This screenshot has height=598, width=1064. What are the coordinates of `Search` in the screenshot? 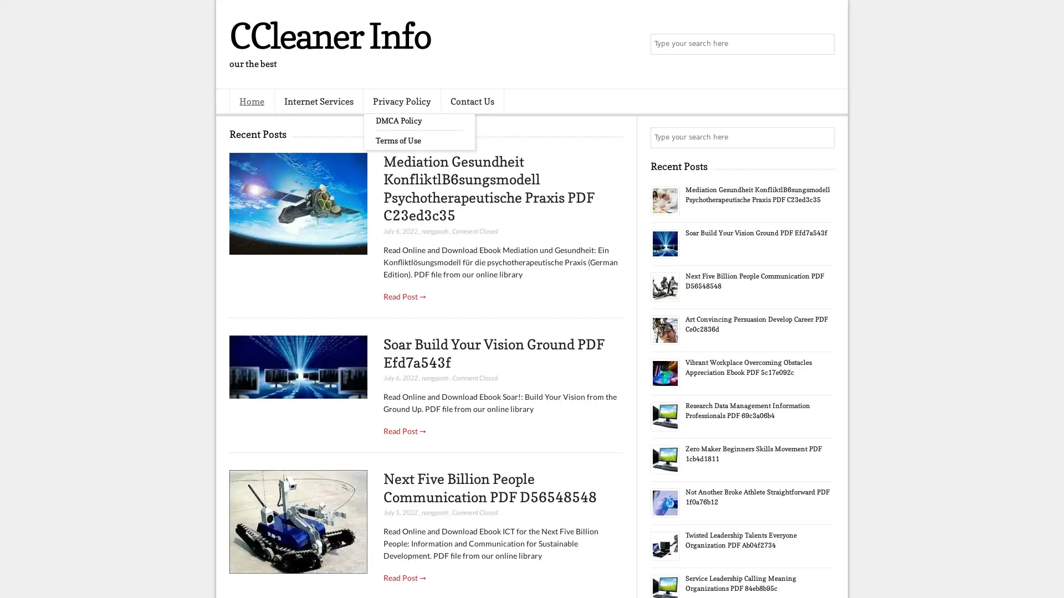 It's located at (823, 44).